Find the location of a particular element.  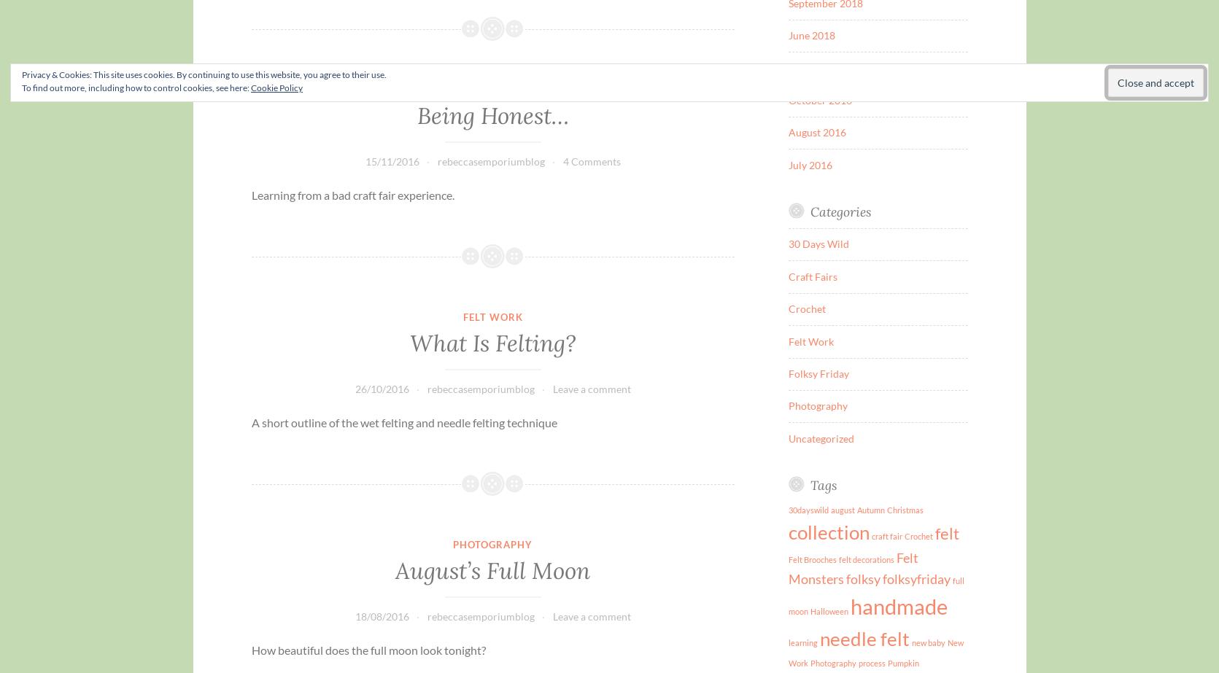

'Folksy Friday' is located at coordinates (819, 373).